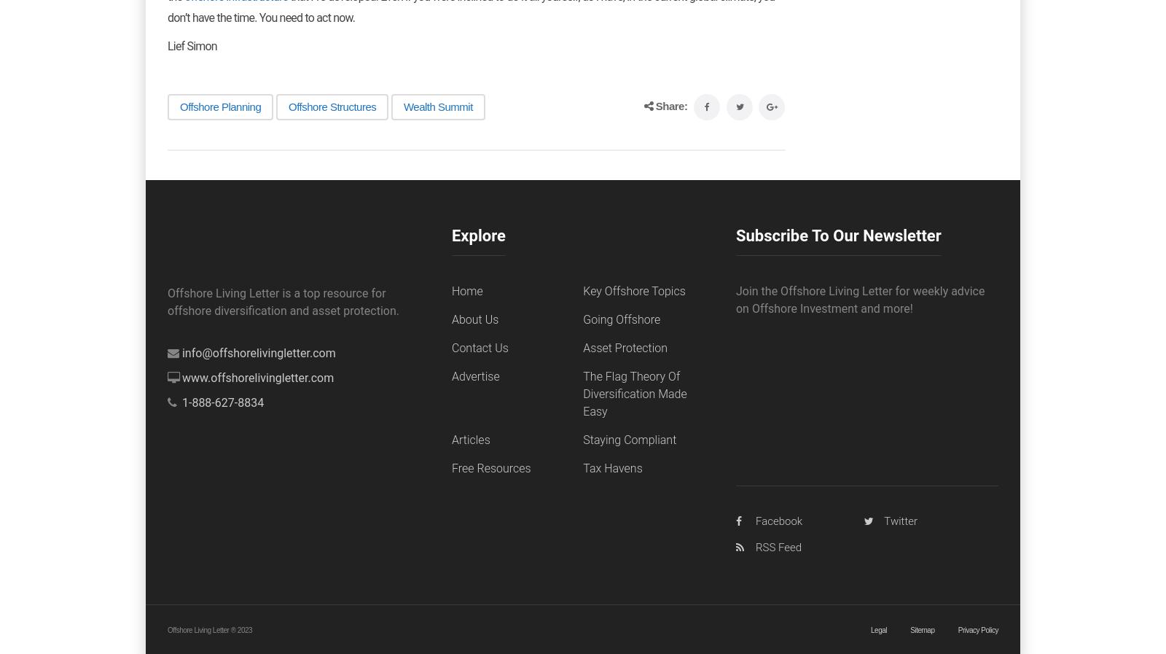  Describe the element at coordinates (670, 104) in the screenshot. I see `'Share:'` at that location.